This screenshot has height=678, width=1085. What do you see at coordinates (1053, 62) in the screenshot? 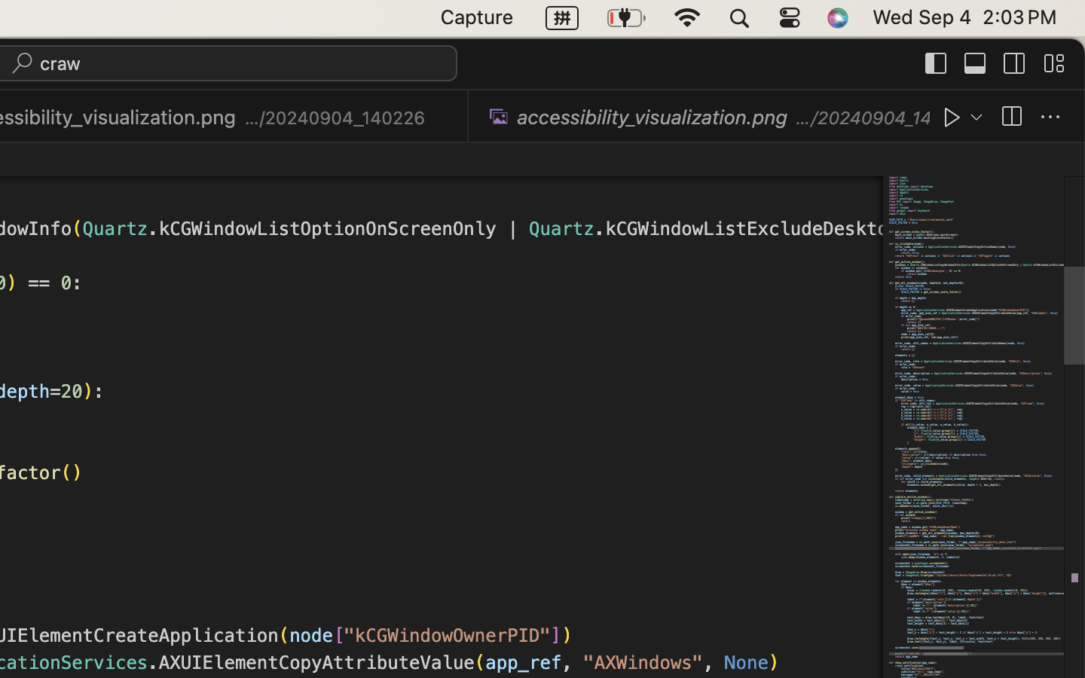
I see `''` at bounding box center [1053, 62].